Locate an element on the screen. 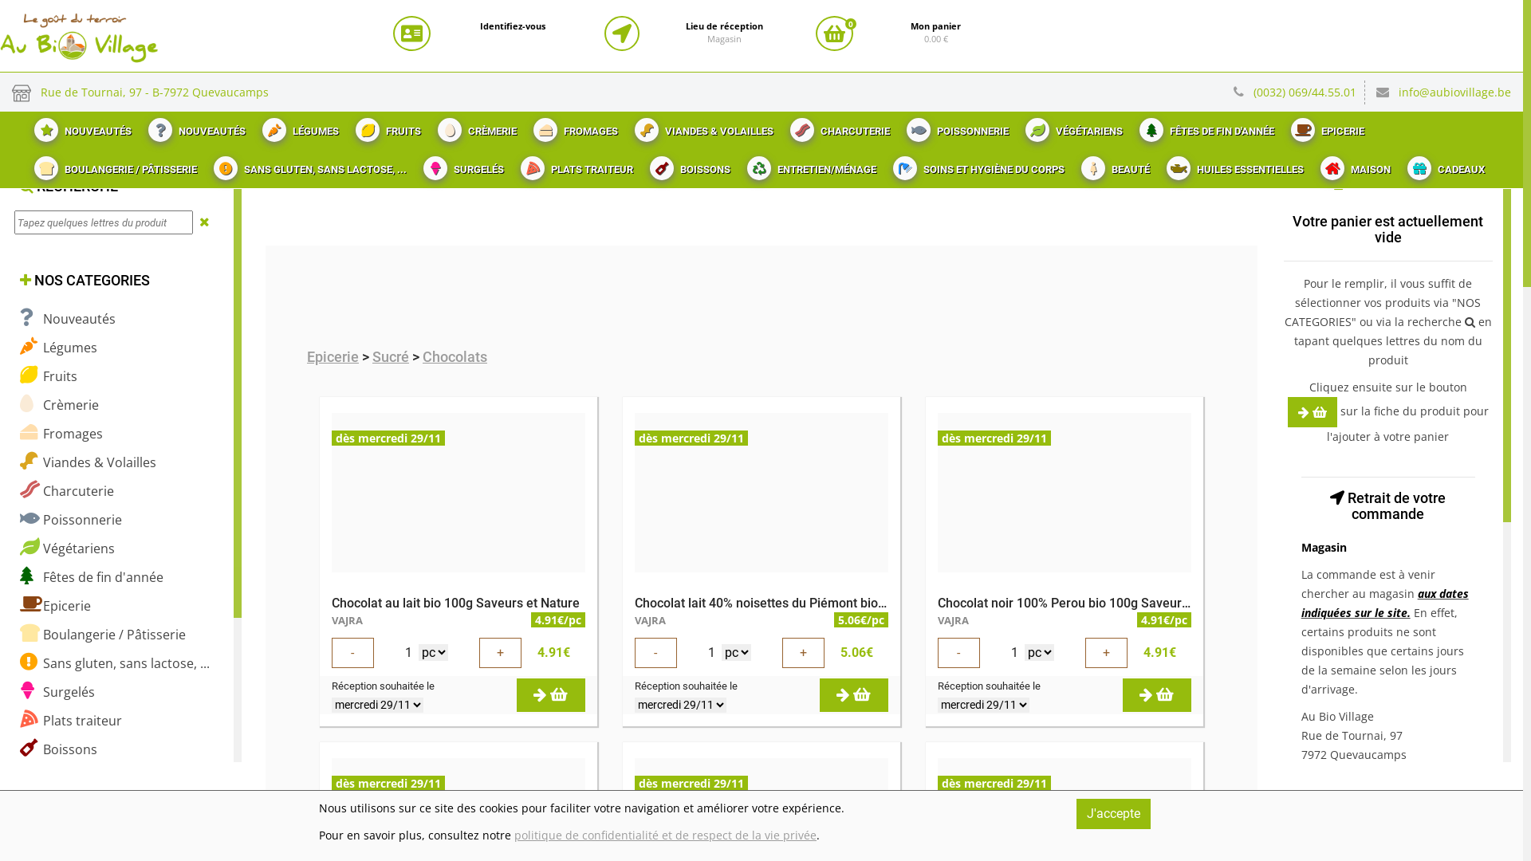  '0' is located at coordinates (833, 33).